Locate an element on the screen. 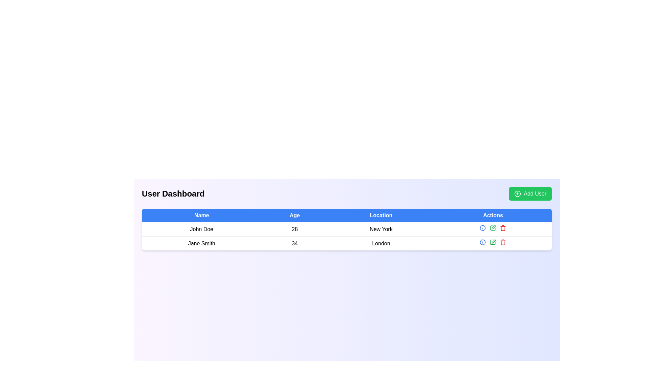 The width and height of the screenshot is (650, 366). the delete icon represented by the SVG graphic for the user 'Jane Smith', located in the rightmost column of the user table is located at coordinates (503, 242).